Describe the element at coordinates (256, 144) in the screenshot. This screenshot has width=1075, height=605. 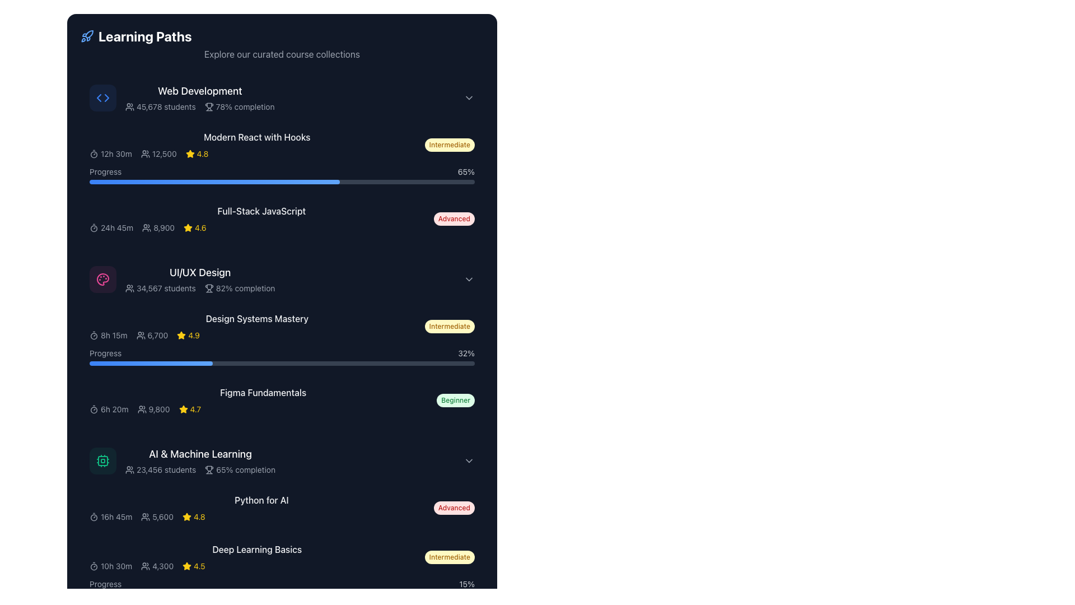
I see `the Course Listing Card located in the 'Learning Paths' section, which is the second item below the 'Web Development' header` at that location.